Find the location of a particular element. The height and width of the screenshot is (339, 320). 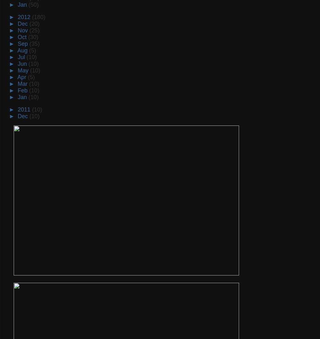

'Feb' is located at coordinates (23, 90).